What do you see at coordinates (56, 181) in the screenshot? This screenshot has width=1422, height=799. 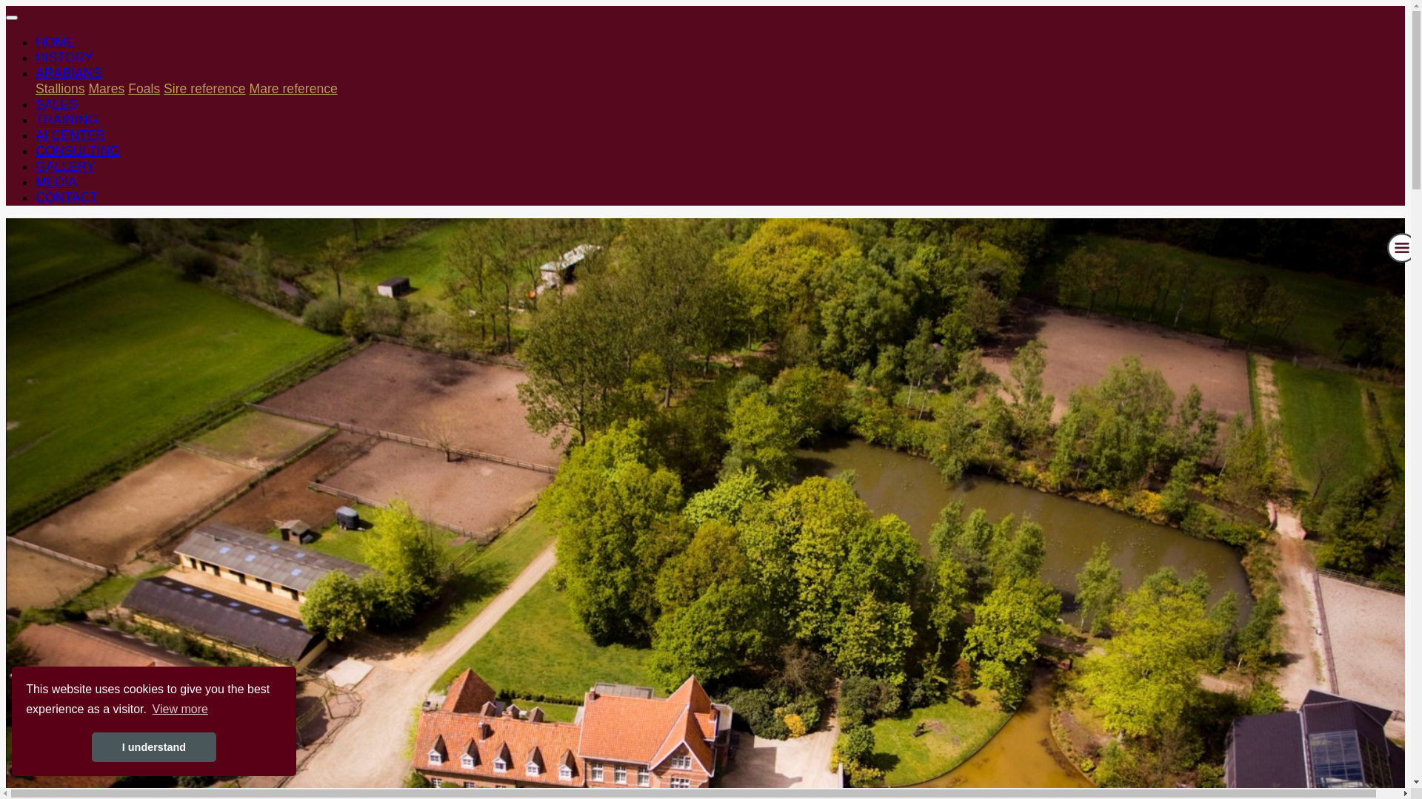 I see `'MEDIA'` at bounding box center [56, 181].